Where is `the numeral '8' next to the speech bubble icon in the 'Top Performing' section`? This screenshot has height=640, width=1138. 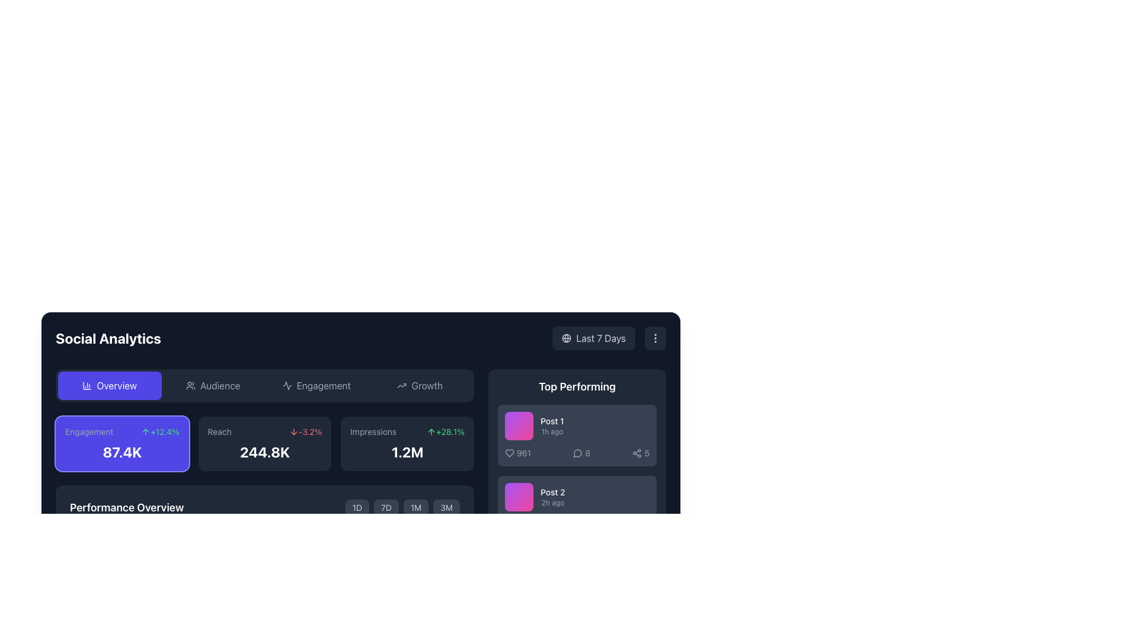 the numeral '8' next to the speech bubble icon in the 'Top Performing' section is located at coordinates (581, 453).